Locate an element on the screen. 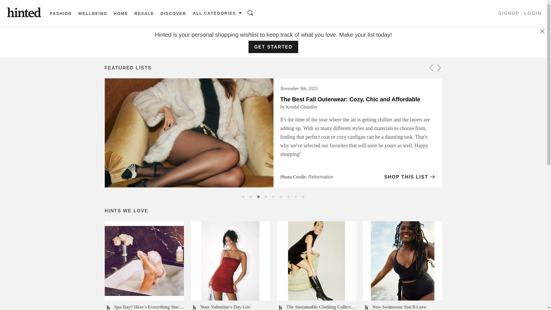 This screenshot has height=310, width=551. 'HOME' is located at coordinates (121, 13).